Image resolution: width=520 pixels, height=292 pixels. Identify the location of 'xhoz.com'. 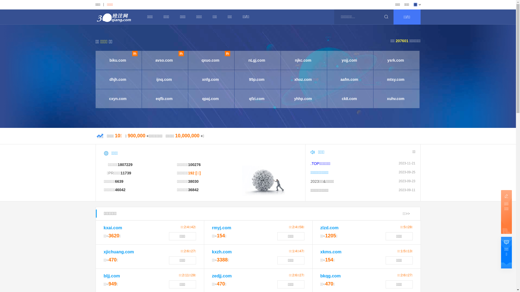
(303, 79).